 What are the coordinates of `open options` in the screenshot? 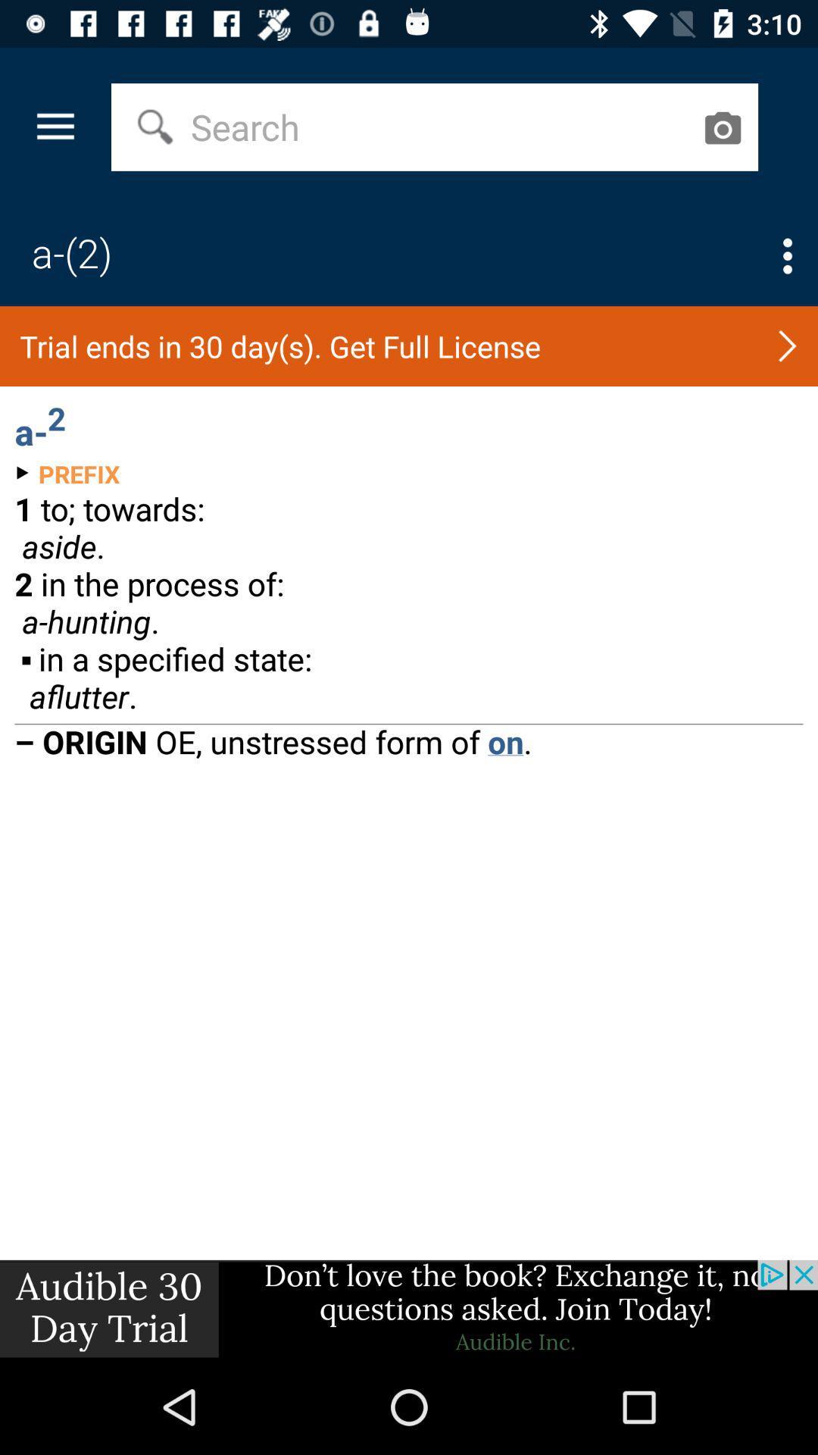 It's located at (787, 256).